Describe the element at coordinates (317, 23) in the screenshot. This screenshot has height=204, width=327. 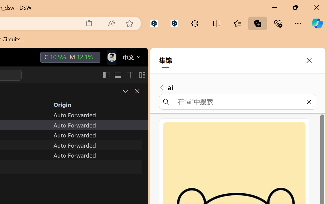
I see `'Copilot (Ctrl+Shift+.)'` at that location.